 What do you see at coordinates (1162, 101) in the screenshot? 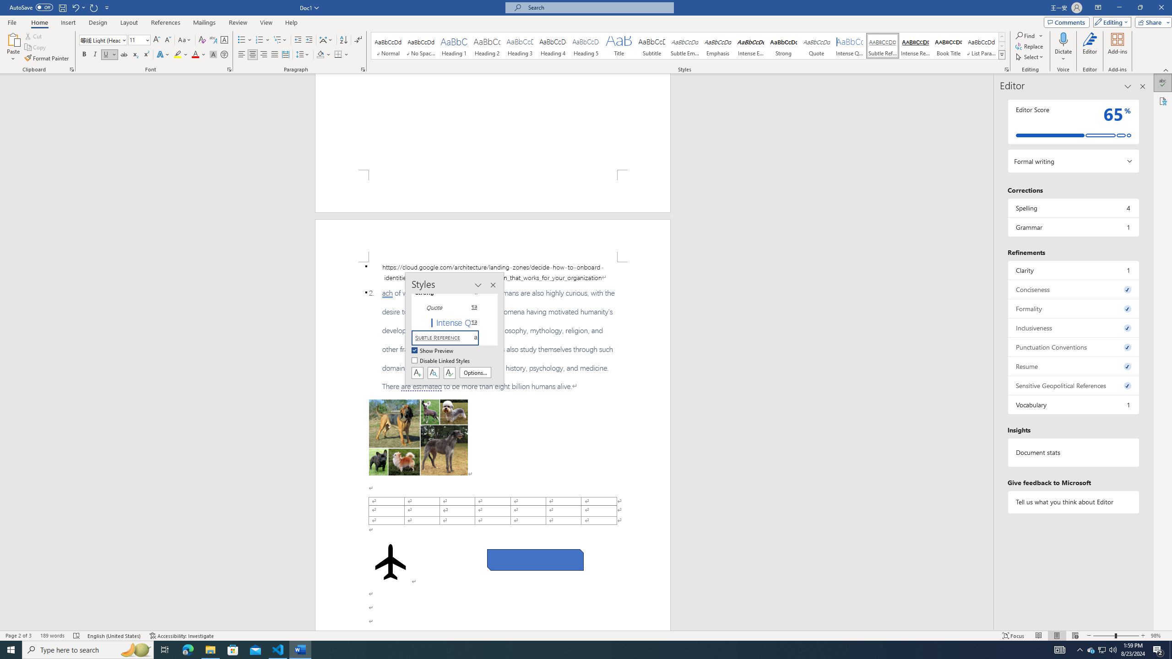
I see `'Accessibility'` at bounding box center [1162, 101].